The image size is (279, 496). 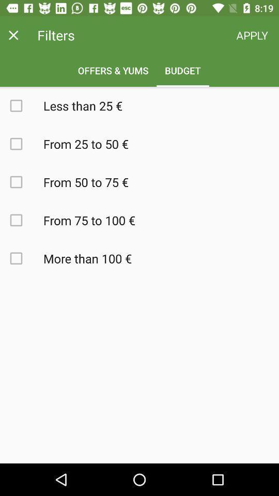 I want to click on more than 100 option, so click(x=22, y=258).